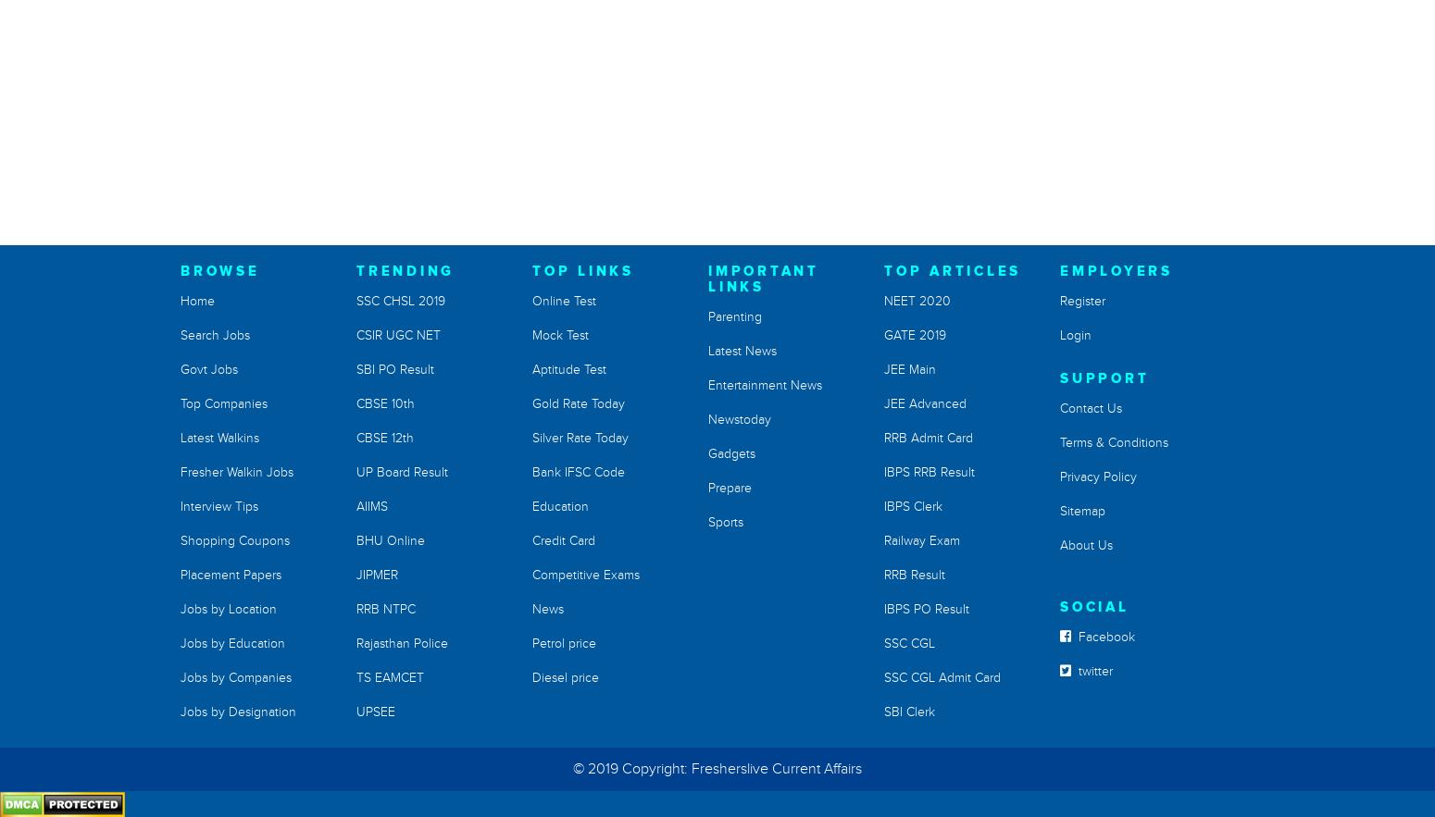 The width and height of the screenshot is (1435, 817). I want to click on 'CSIR UGC NET', so click(356, 335).